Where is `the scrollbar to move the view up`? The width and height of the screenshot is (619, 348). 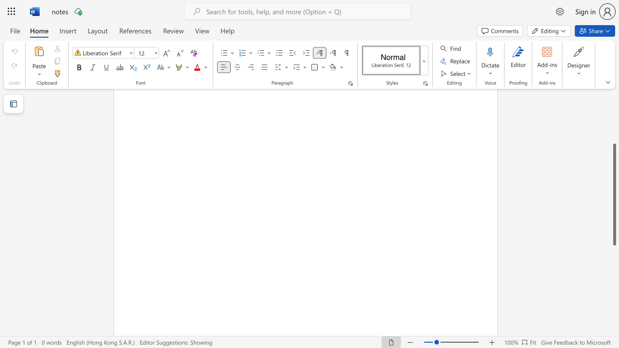
the scrollbar to move the view up is located at coordinates (614, 130).